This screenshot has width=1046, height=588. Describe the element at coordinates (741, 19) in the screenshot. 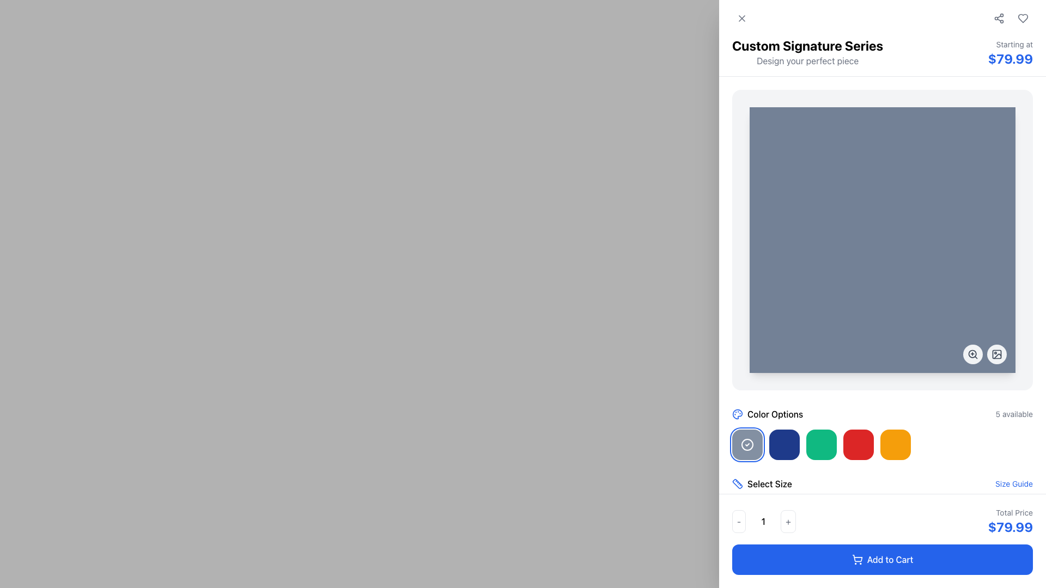

I see `the close or dismiss button represented by an 'X' icon located in the top-left corner of the white panel` at that location.